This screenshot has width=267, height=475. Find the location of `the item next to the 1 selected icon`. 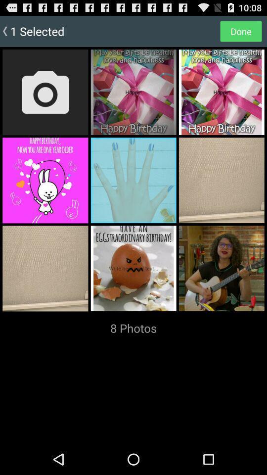

the item next to the 1 selected icon is located at coordinates (240, 31).